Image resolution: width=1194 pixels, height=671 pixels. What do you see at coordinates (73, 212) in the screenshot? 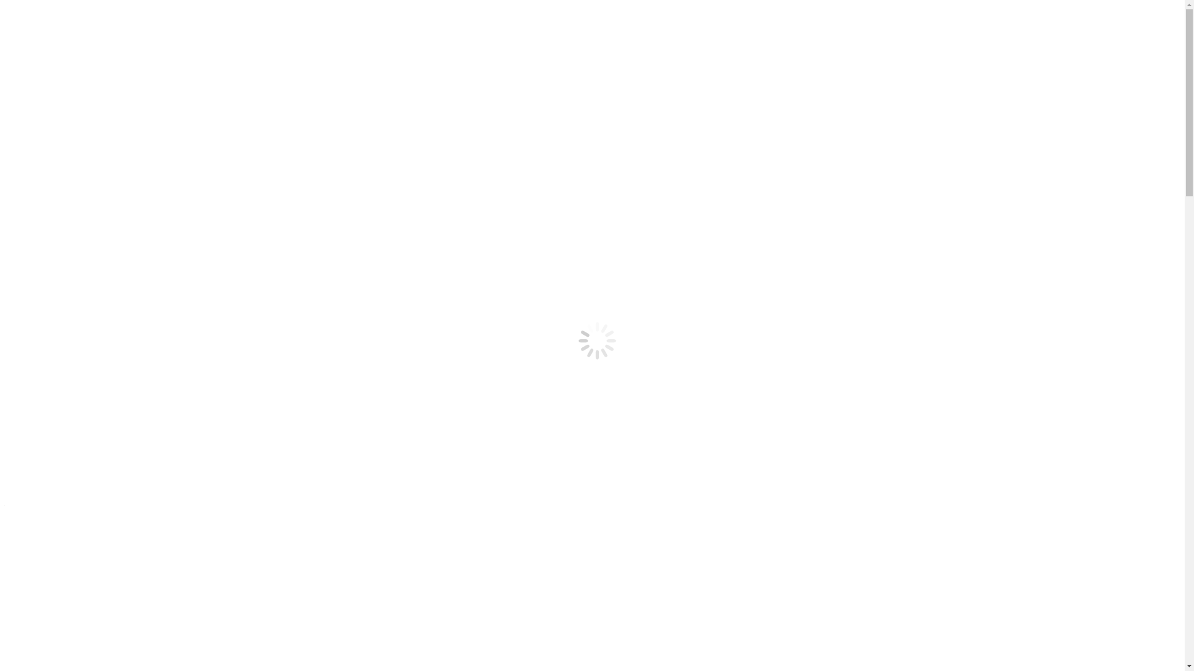
I see `'Matt Makens Weather'` at bounding box center [73, 212].